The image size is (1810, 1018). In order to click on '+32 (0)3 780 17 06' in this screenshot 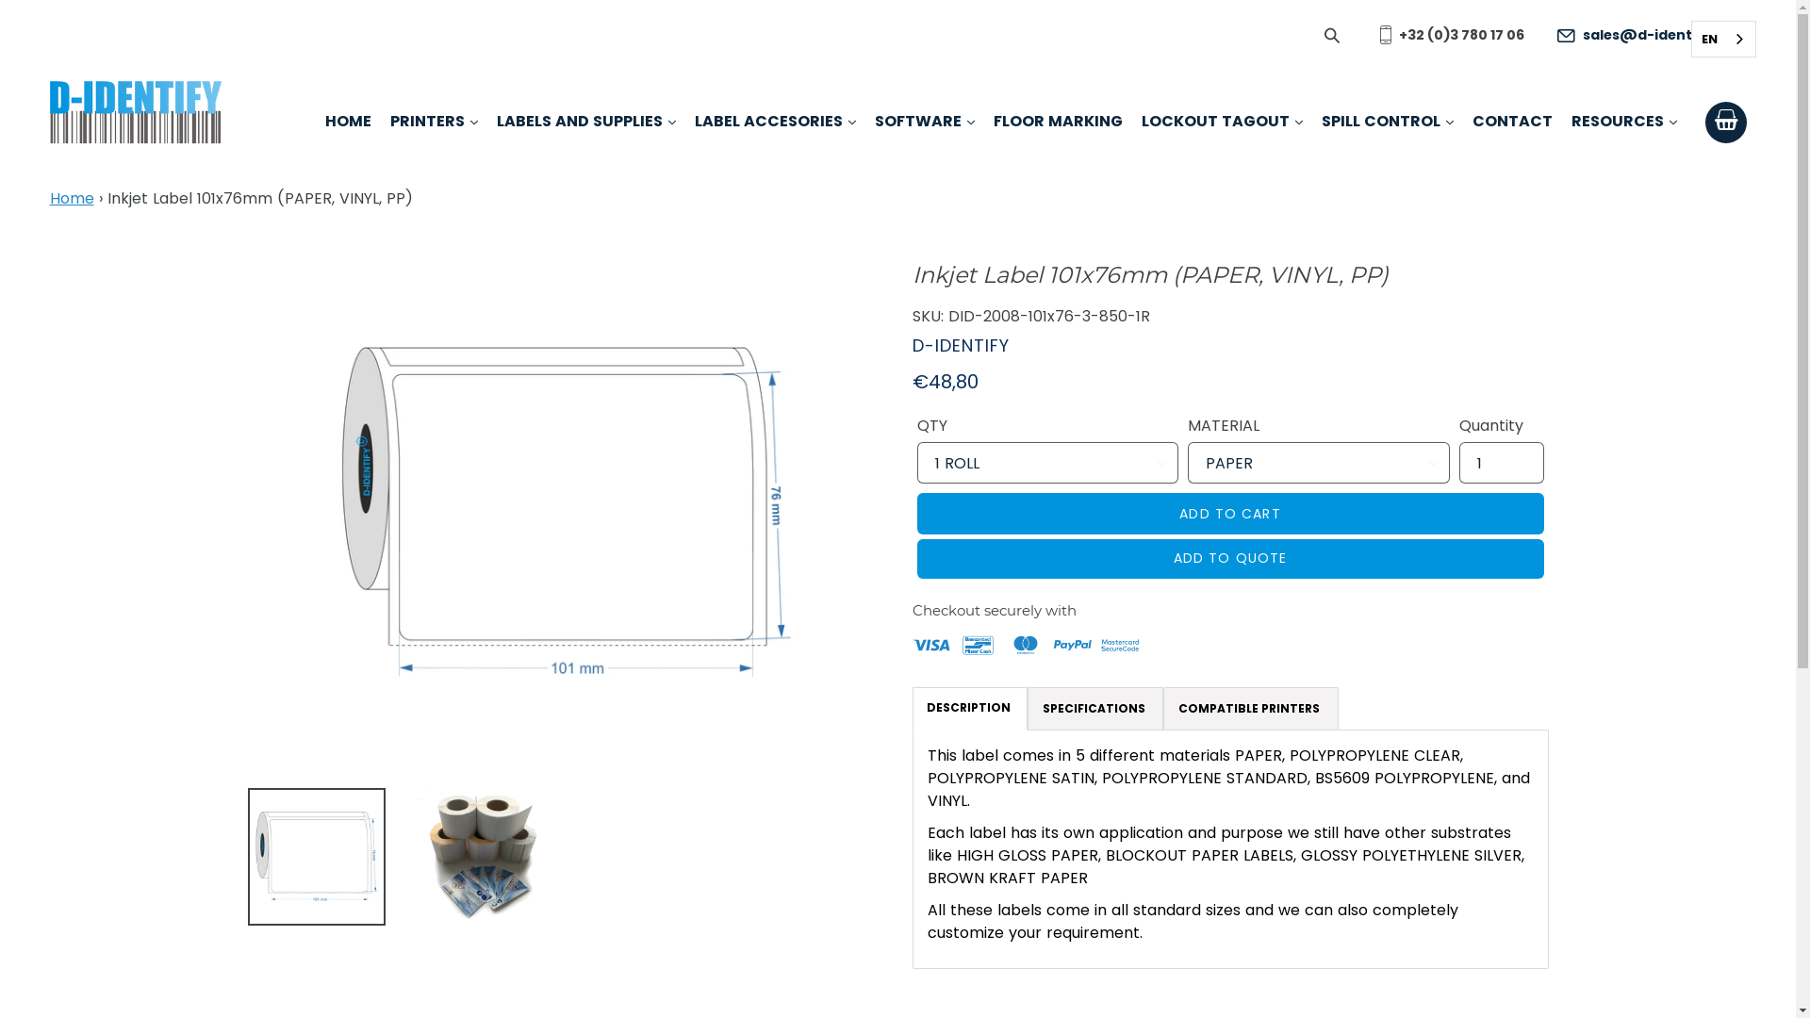, I will do `click(1446, 35)`.